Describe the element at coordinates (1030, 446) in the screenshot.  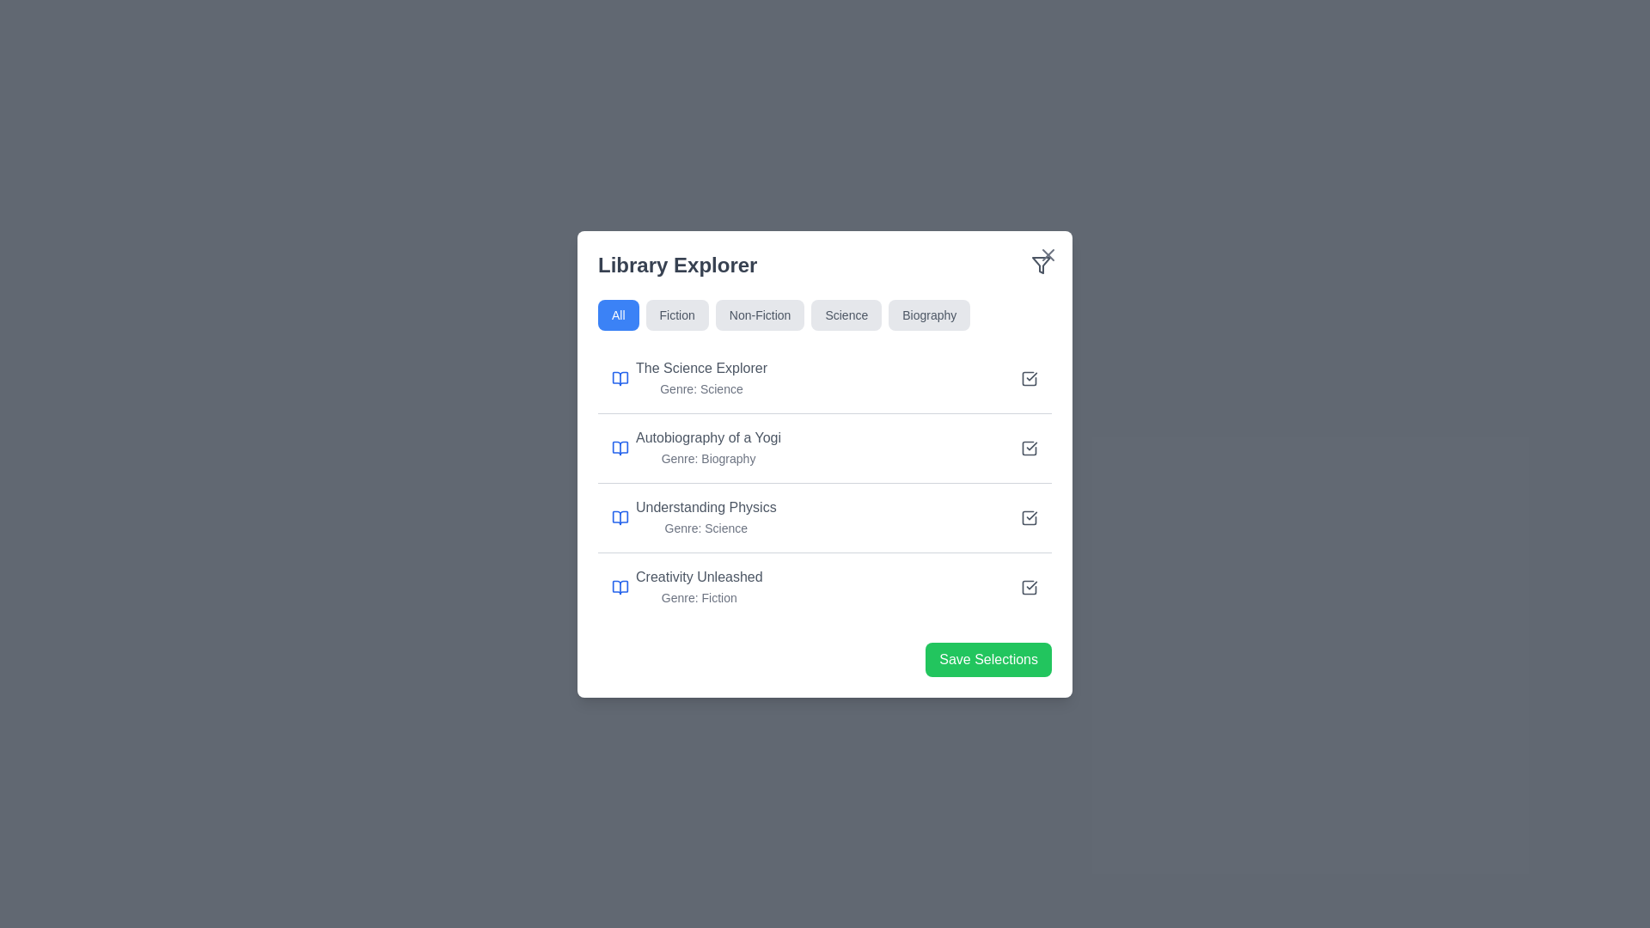
I see `the checkbox input control for the 'Autobiography of a Yogi' item` at that location.